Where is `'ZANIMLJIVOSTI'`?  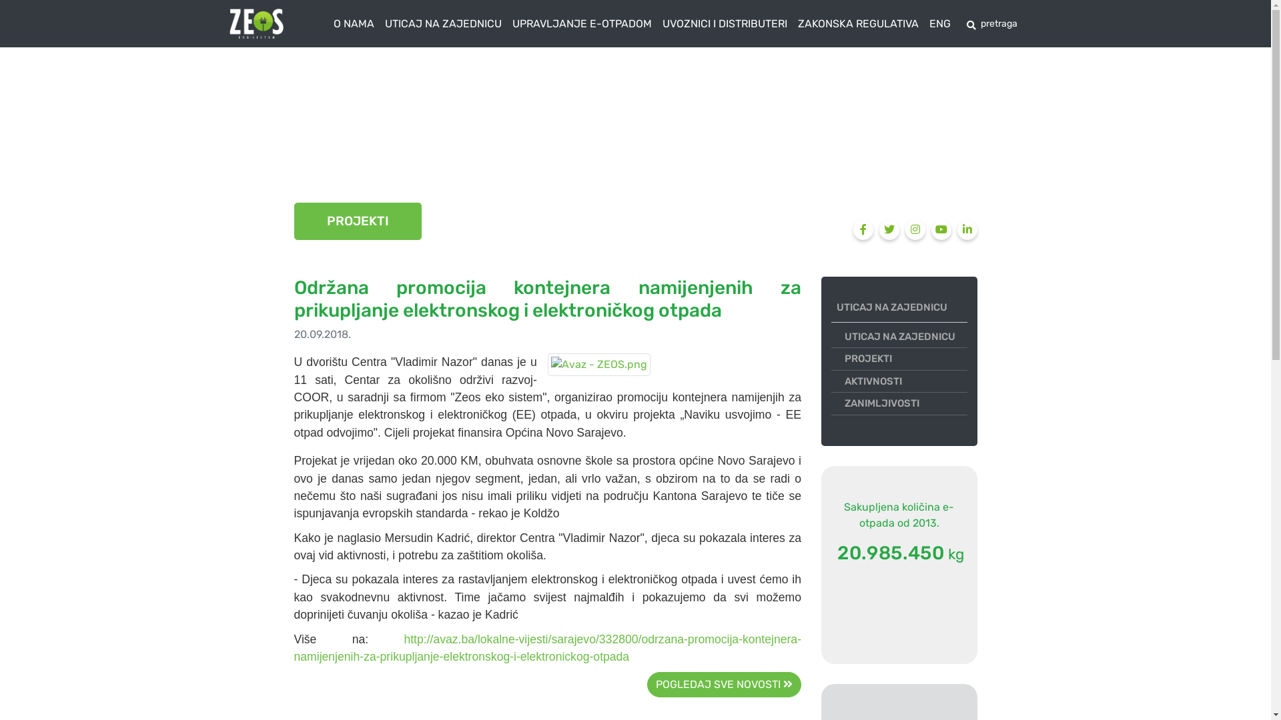
'ZANIMLJIVOSTI' is located at coordinates (906, 403).